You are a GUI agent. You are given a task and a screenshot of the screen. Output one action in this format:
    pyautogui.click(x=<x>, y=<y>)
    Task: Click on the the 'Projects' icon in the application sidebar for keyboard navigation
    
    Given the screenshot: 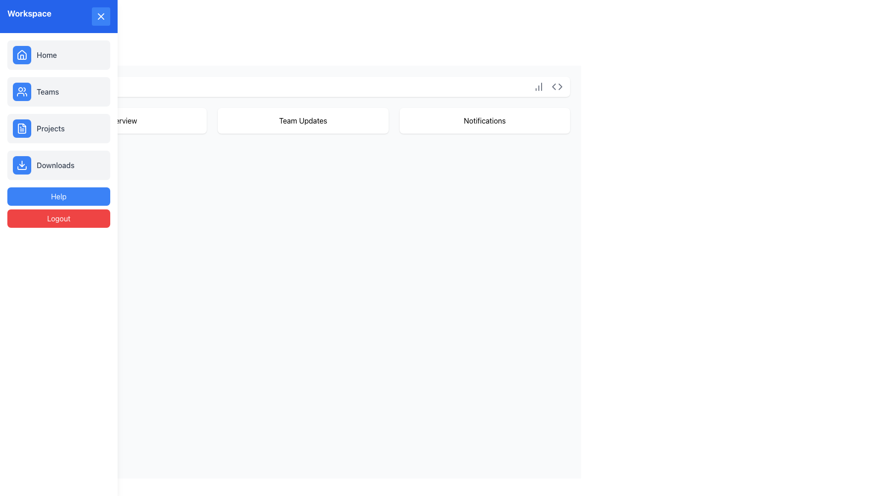 What is the action you would take?
    pyautogui.click(x=22, y=129)
    